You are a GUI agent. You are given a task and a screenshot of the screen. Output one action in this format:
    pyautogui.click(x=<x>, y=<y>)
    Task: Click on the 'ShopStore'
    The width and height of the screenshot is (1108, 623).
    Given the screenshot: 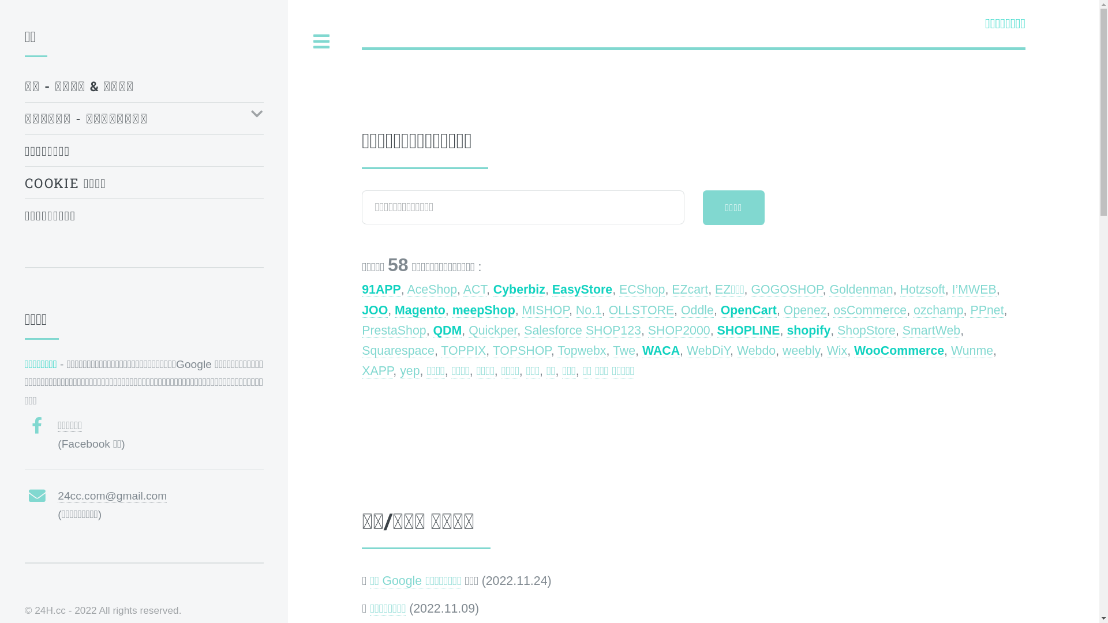 What is the action you would take?
    pyautogui.click(x=866, y=331)
    